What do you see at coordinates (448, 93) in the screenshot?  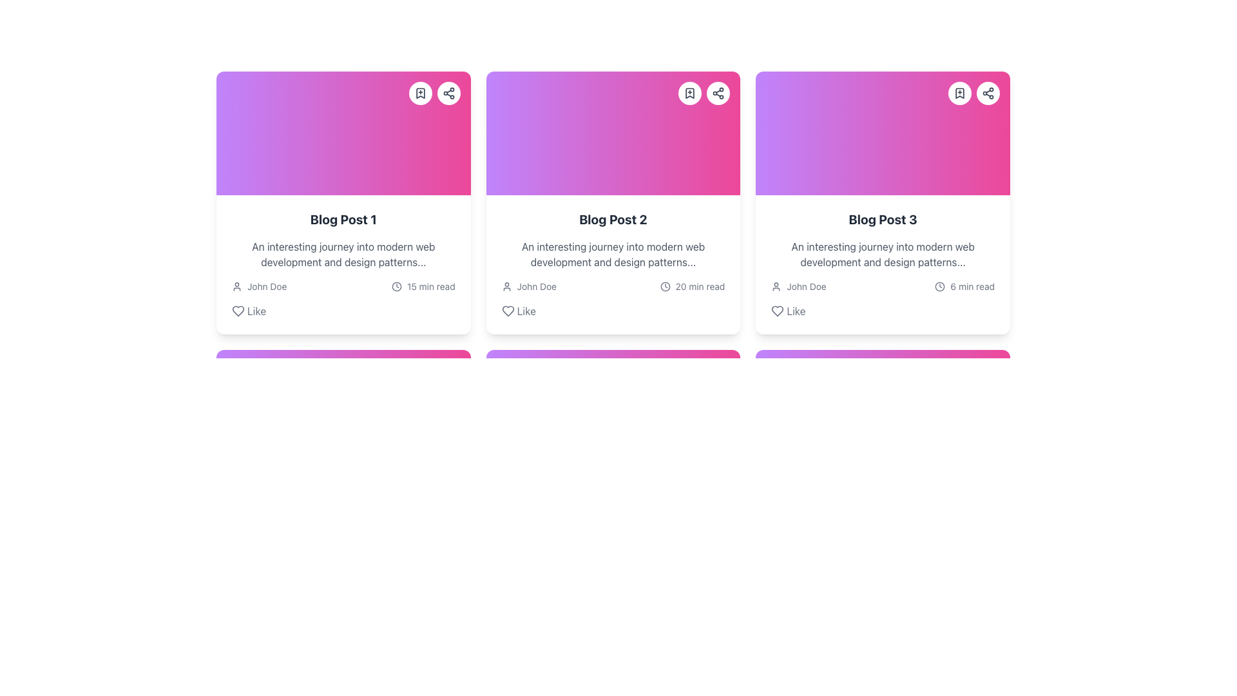 I see `the share icon located in the upper-right corner of the 'Blog Post 1' card` at bounding box center [448, 93].